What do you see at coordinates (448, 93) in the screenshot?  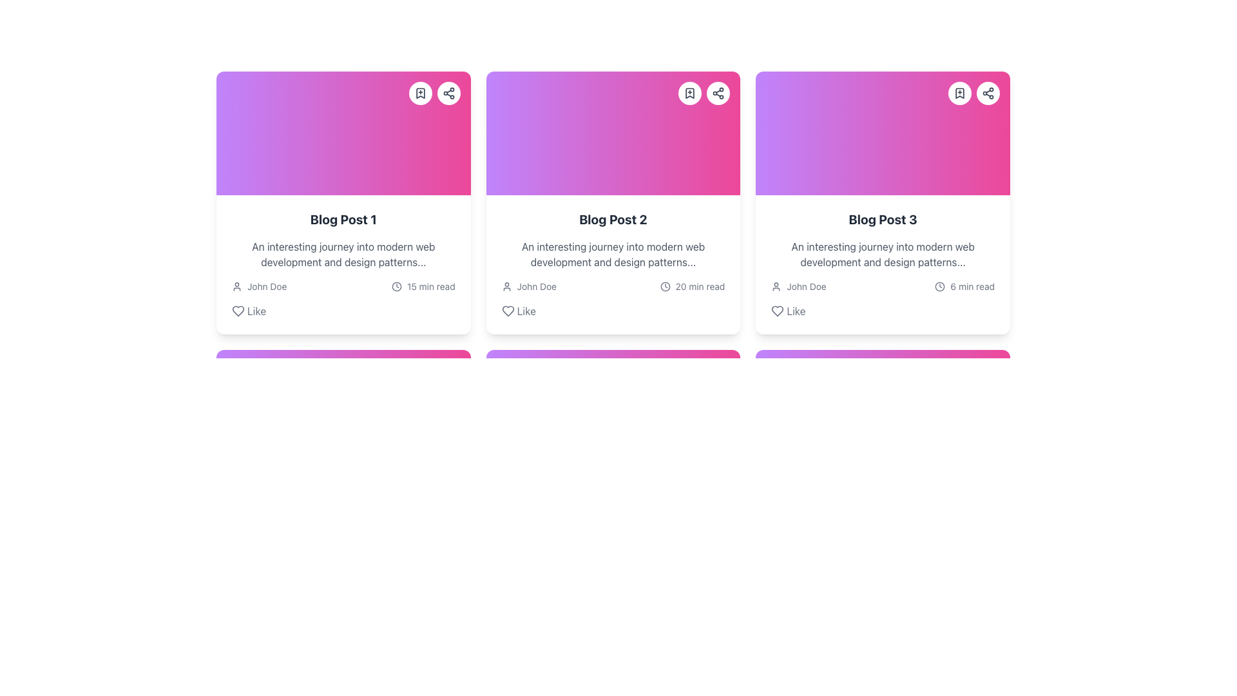 I see `the share icon located in the upper-right corner of the 'Blog Post 1' card` at bounding box center [448, 93].